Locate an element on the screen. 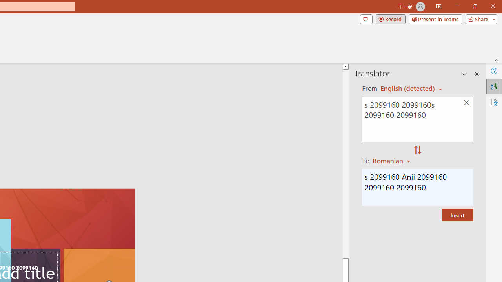 The height and width of the screenshot is (282, 502). 'Clear text' is located at coordinates (466, 103).